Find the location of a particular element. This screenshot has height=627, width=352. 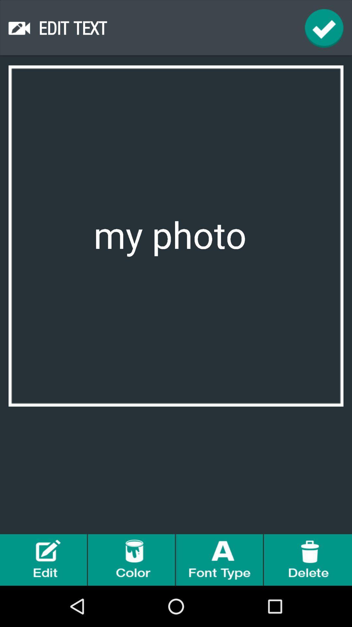

confirm edition is located at coordinates (324, 28).